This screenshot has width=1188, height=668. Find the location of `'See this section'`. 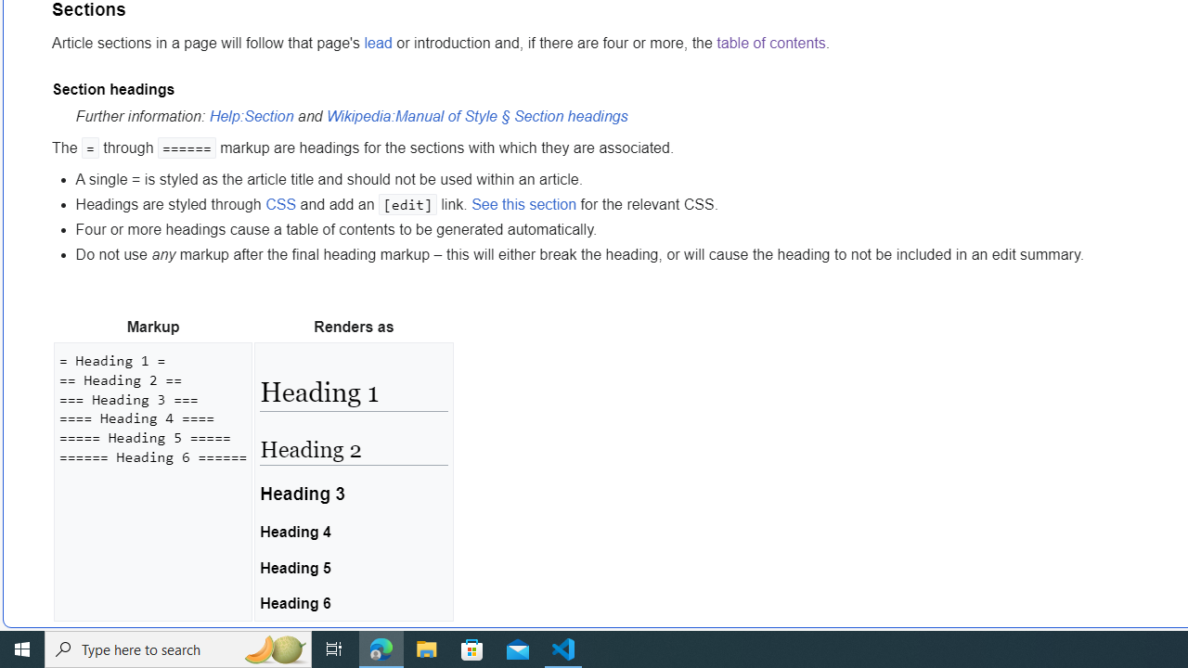

'See this section' is located at coordinates (523, 203).